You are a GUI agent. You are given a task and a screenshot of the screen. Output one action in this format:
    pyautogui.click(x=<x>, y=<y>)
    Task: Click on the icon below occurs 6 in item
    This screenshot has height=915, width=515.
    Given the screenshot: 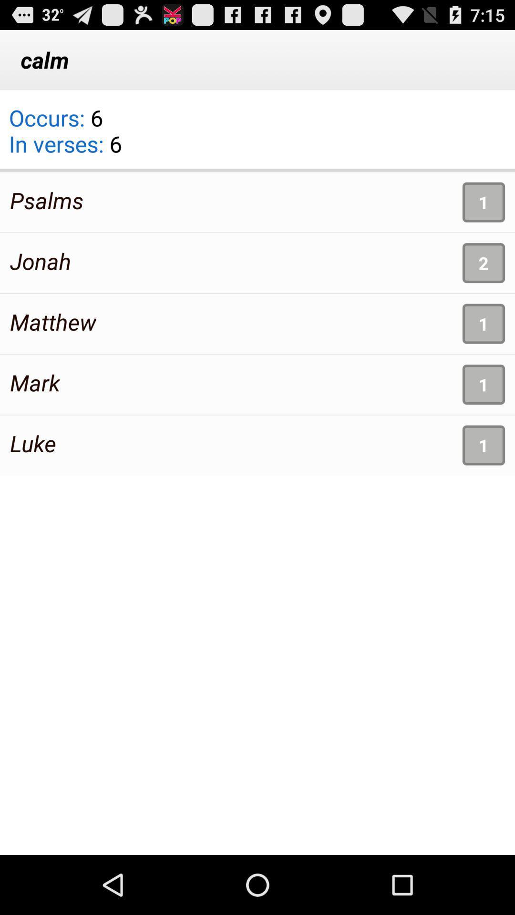 What is the action you would take?
    pyautogui.click(x=47, y=200)
    